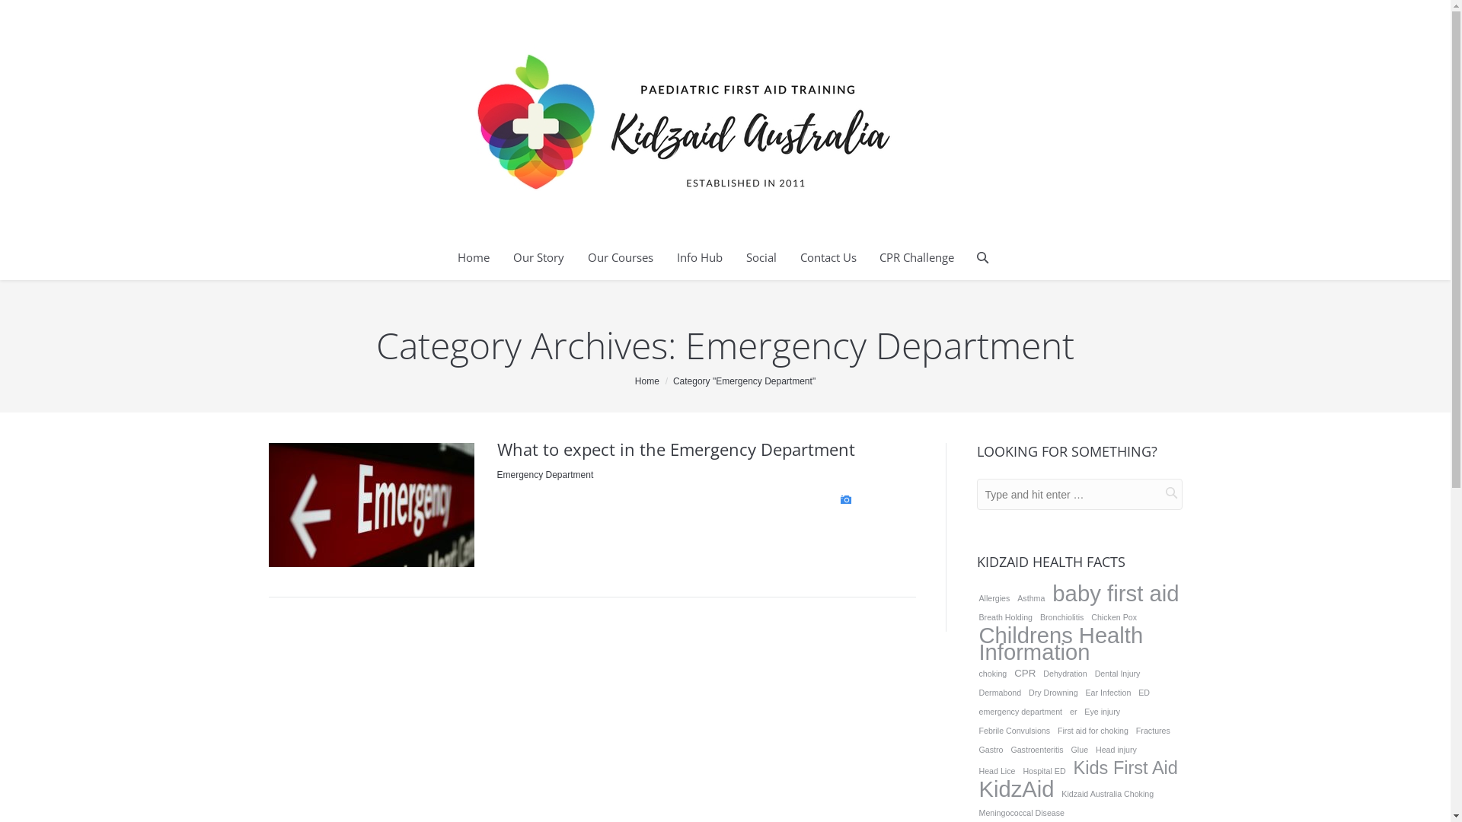 The width and height of the screenshot is (1462, 822). Describe the element at coordinates (544, 474) in the screenshot. I see `'Emergency Department'` at that location.